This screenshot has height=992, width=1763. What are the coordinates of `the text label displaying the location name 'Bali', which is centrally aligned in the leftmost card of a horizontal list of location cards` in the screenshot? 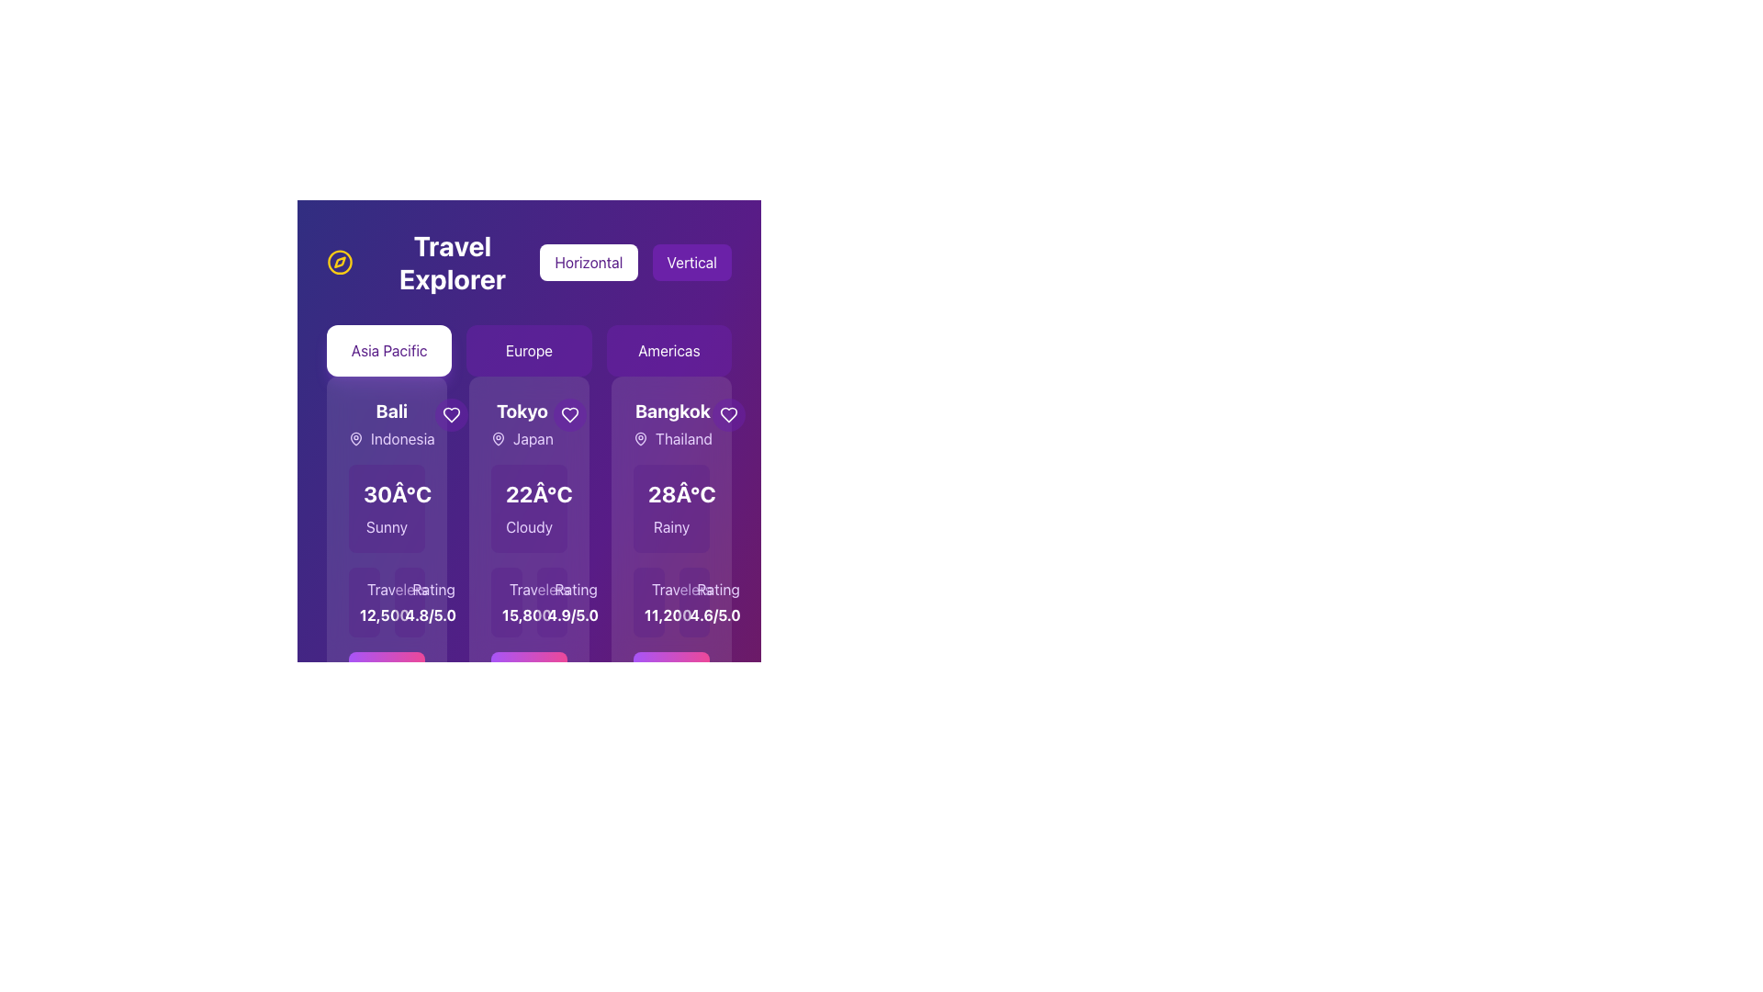 It's located at (390, 410).